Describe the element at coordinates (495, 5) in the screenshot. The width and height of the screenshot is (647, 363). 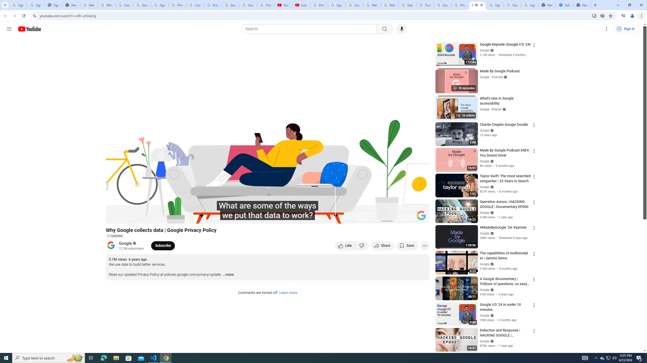
I see `'Sign in - Google Accounts'` at that location.